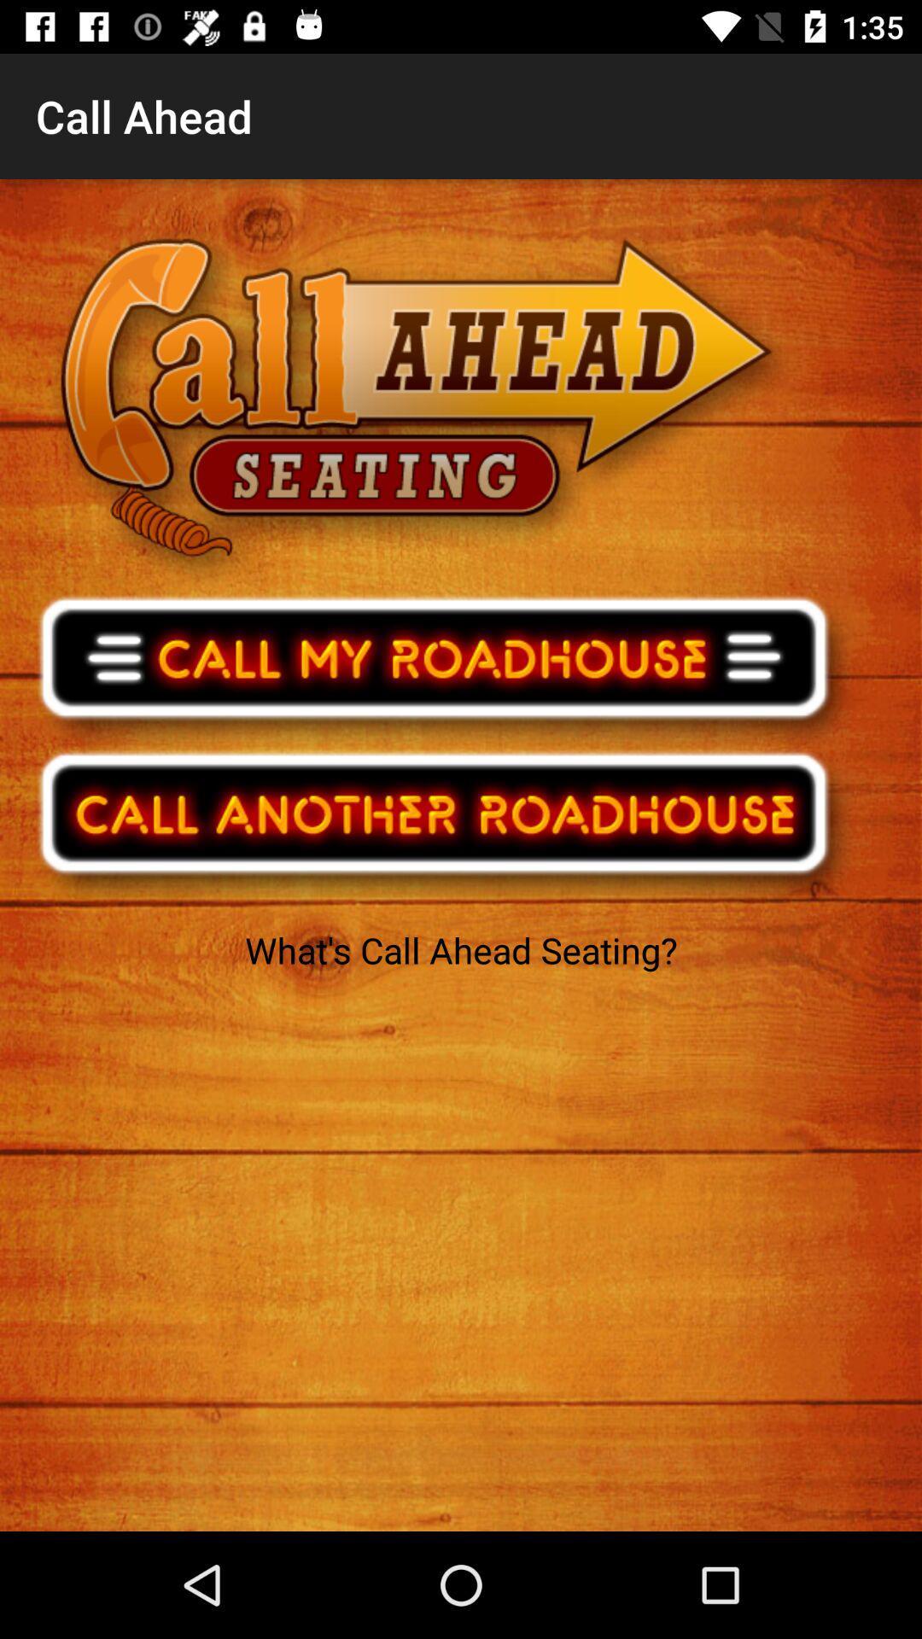 This screenshot has width=922, height=1639. I want to click on initiate phone call option, so click(445, 667).